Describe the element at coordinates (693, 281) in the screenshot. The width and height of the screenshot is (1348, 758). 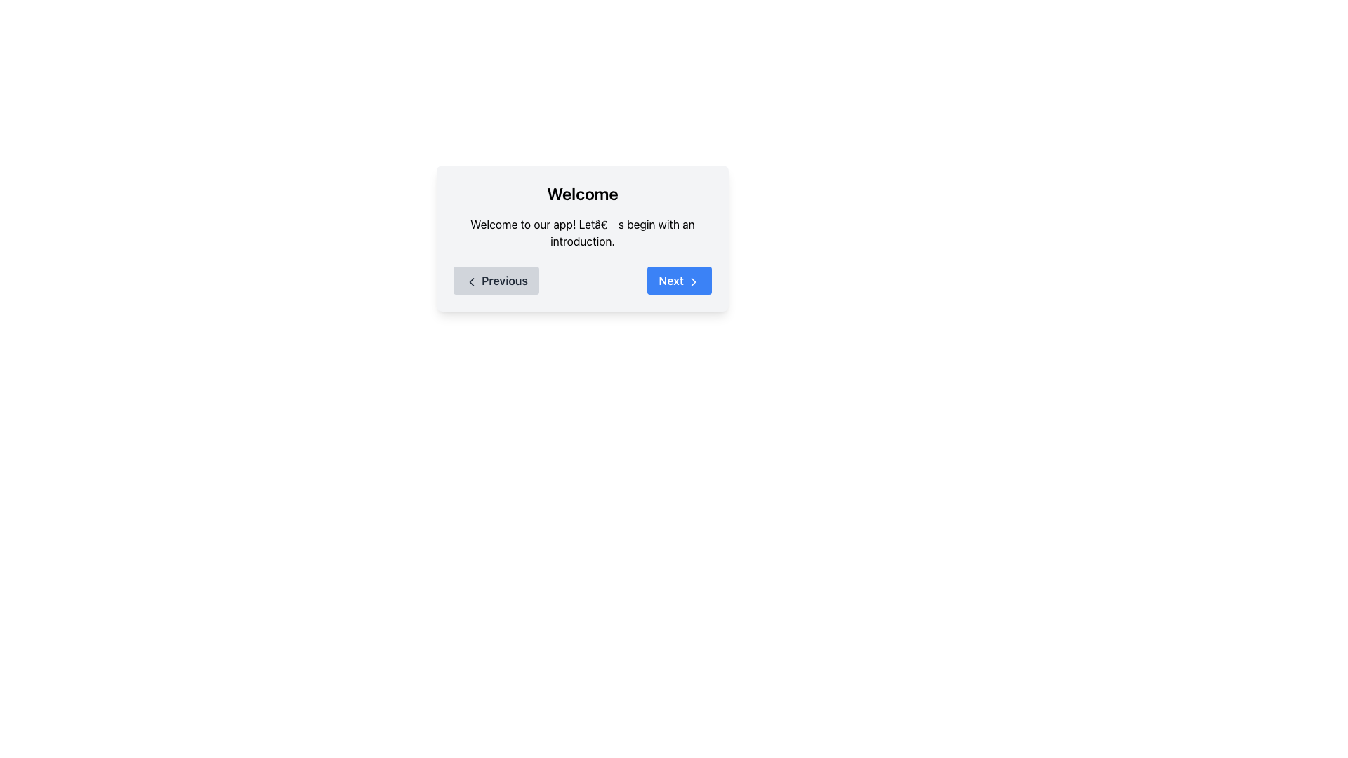
I see `the right-pointing chevron arrow SVG element located within the 'Next' button in the lower-right corner of the dialog box` at that location.